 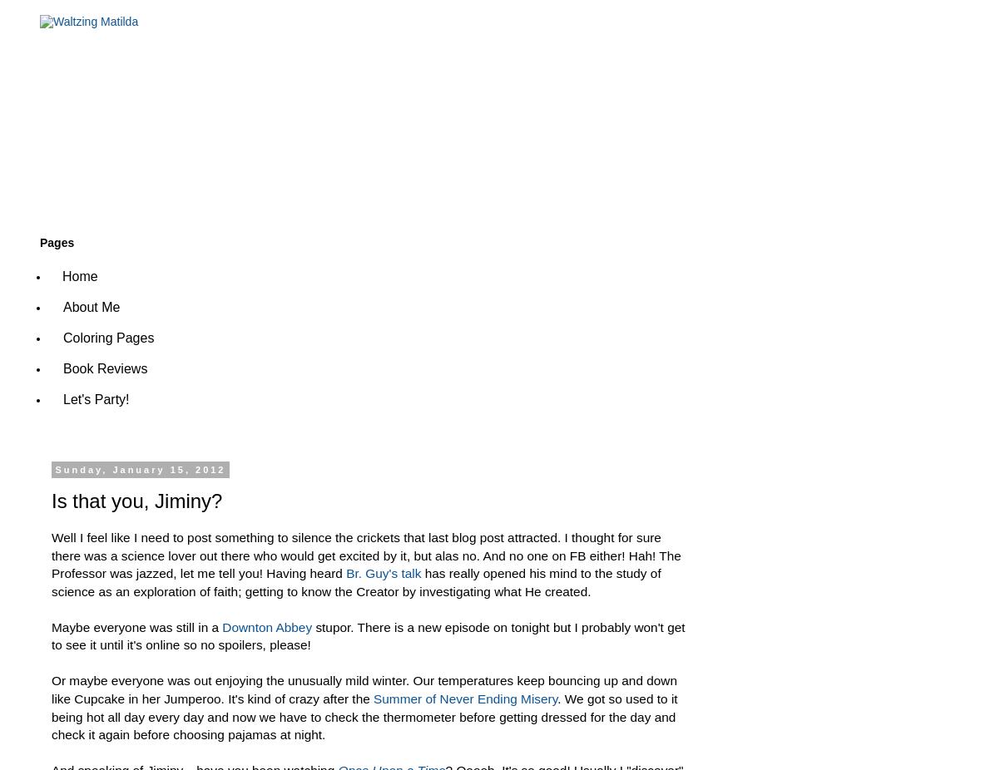 I want to click on 'Or maybe everyone was out enjoying the unusually mild winter. Our temperatures keep bouncing up and down like Cupcake in her Jumperoo. It's kind of crazy after the', so click(x=364, y=689).